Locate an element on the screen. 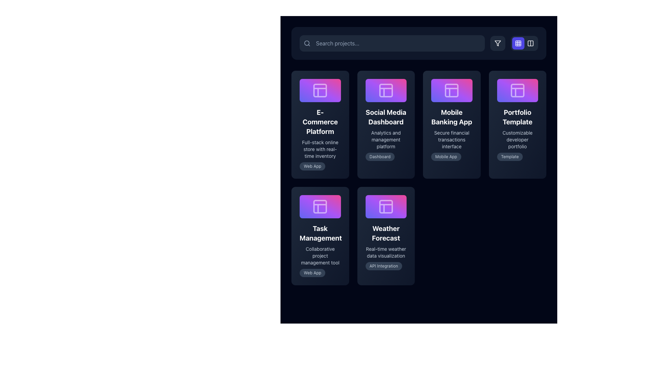 Image resolution: width=656 pixels, height=369 pixels. text of the 'Web App' badge, which is a rectangular badge with a dark slate color and light gray font, located at the bottom of the 'Task Management' project card is located at coordinates (320, 272).